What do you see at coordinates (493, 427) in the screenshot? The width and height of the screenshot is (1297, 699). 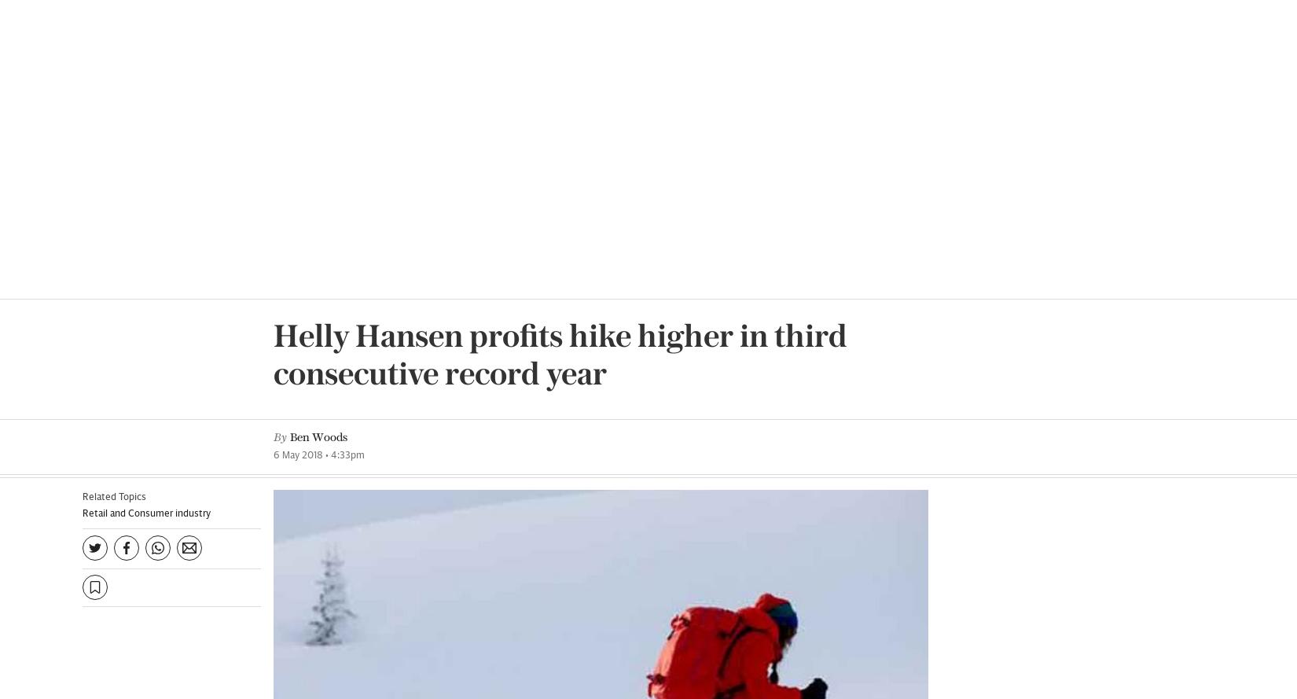 I see `'The Olso-based owner of UK shooting, sailing and skiing brand Musto said profits jumped by a quarter'` at bounding box center [493, 427].